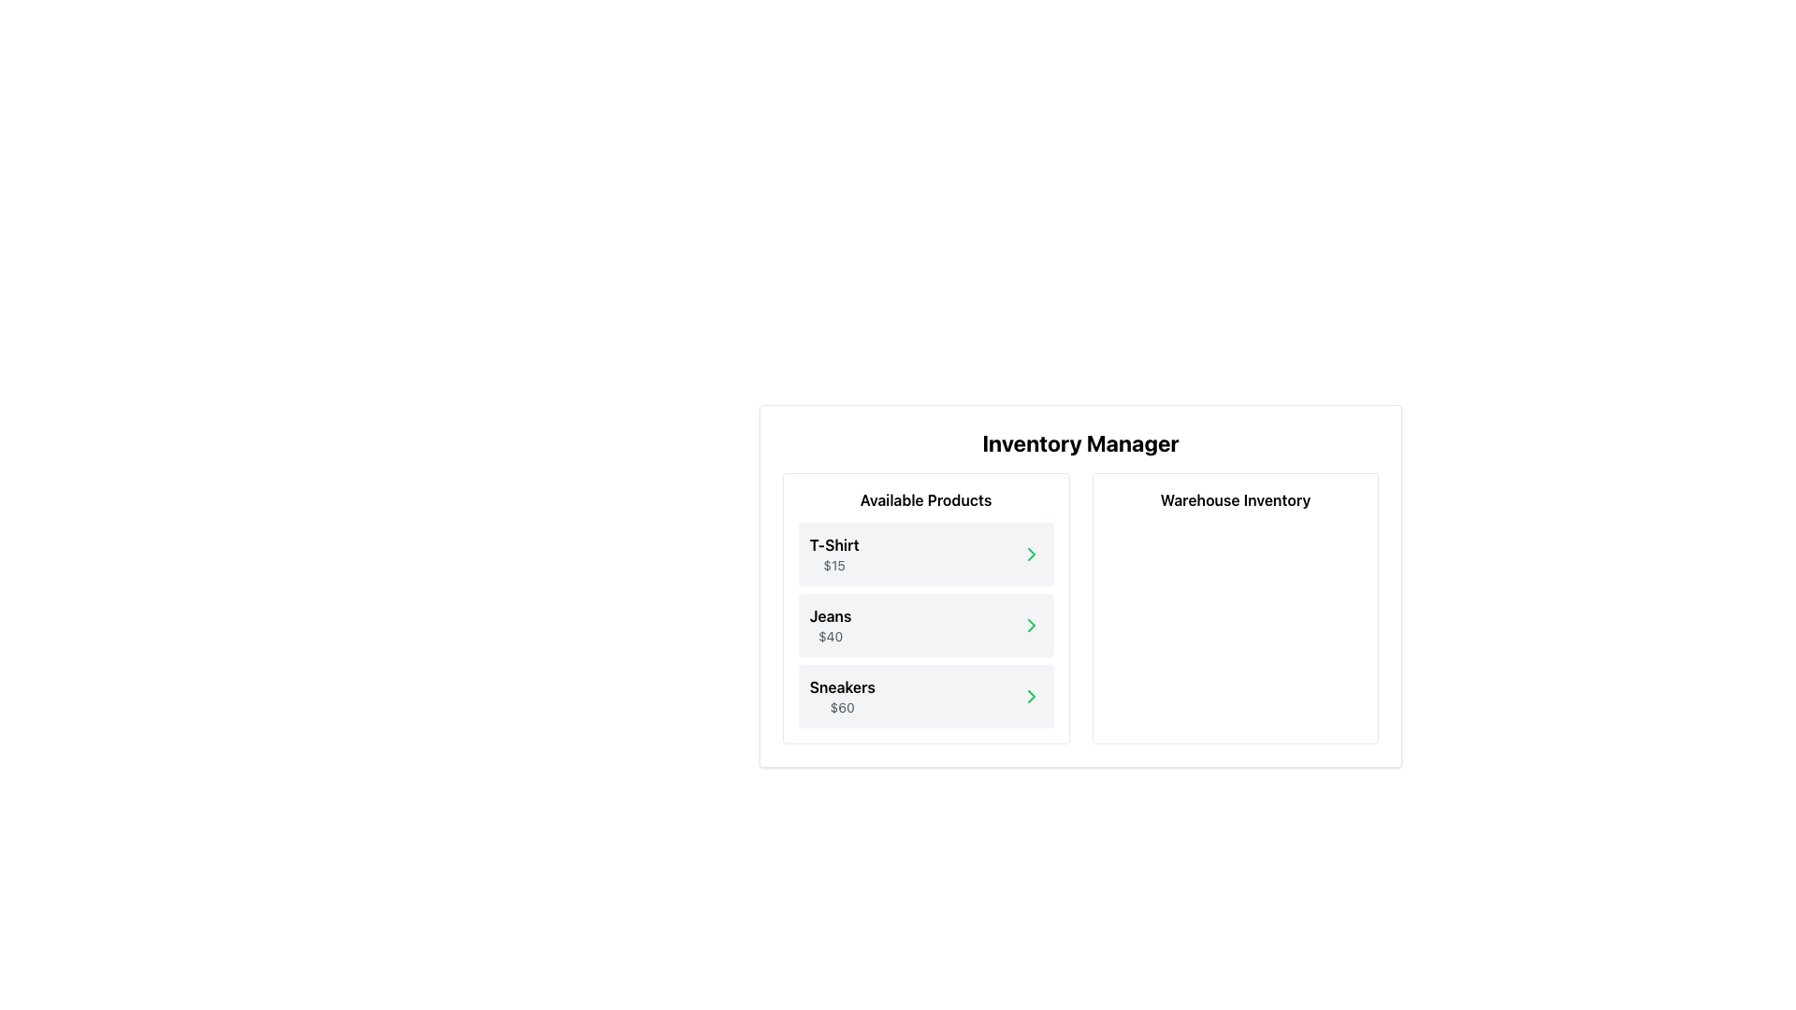 The height and width of the screenshot is (1010, 1796). Describe the element at coordinates (830, 636) in the screenshot. I see `the gray text label '$40' located below 'Jeans' in the 'Available Products' section` at that location.